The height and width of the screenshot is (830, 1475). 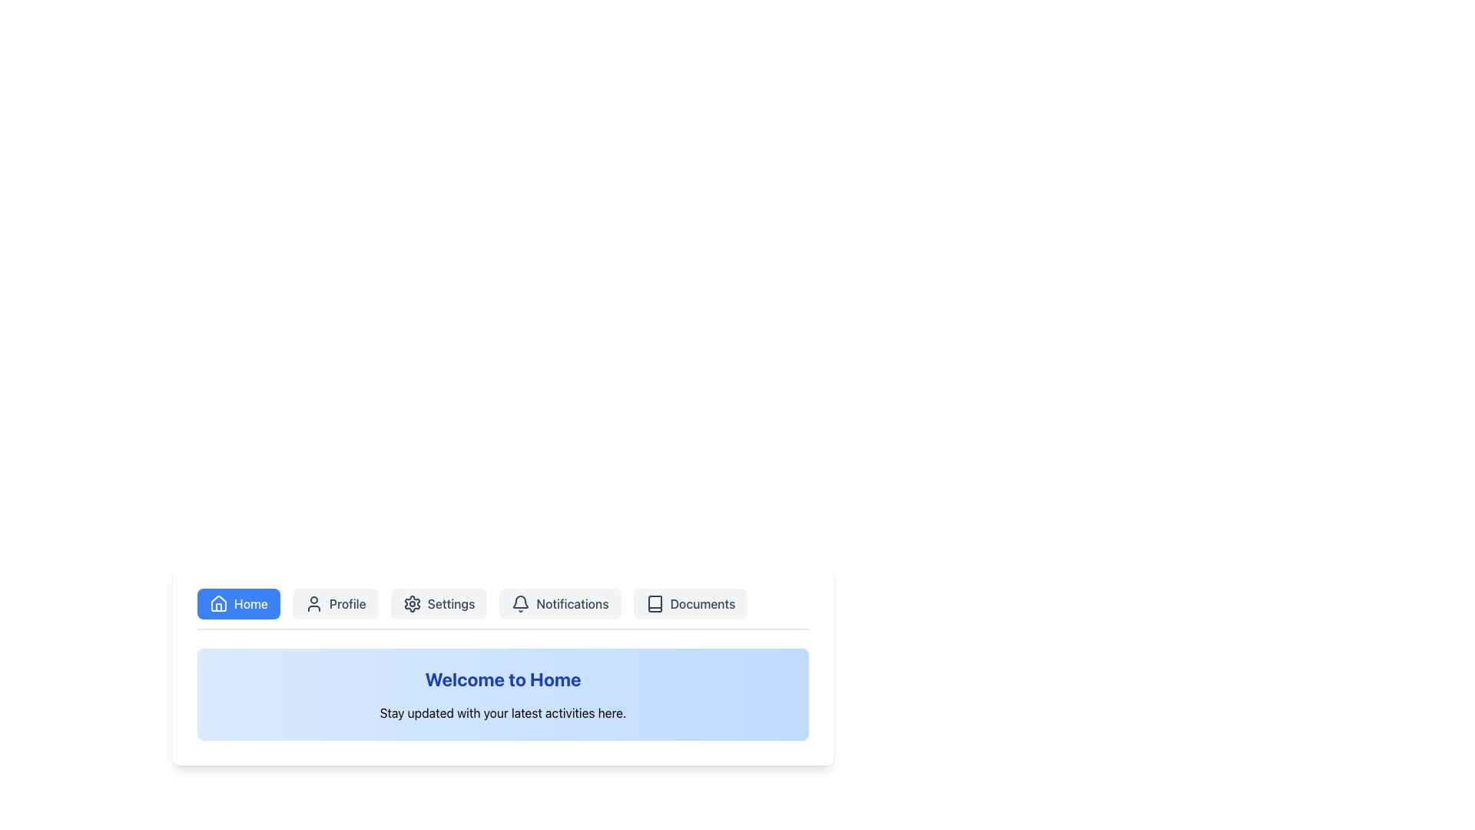 What do you see at coordinates (655, 603) in the screenshot?
I see `the SVG Icon (Book Illustration) representing the 'Documents' feature located inside the 'Documents' button on the top navigation bar` at bounding box center [655, 603].